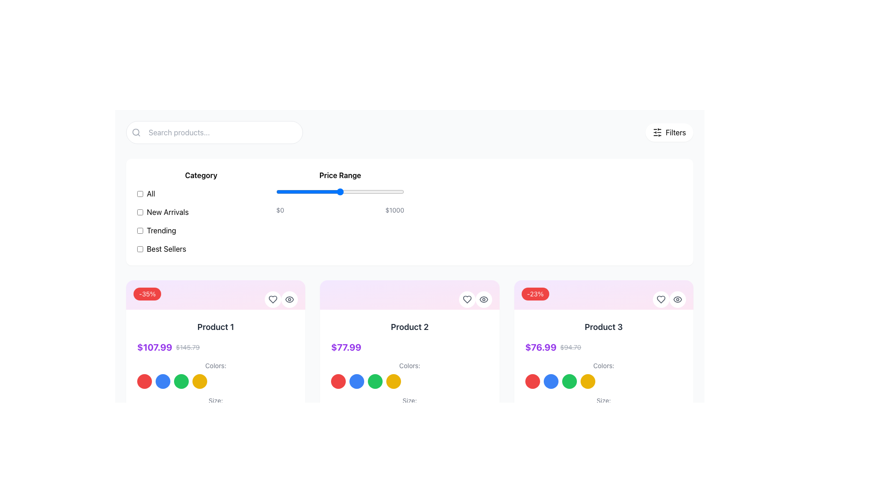 Image resolution: width=884 pixels, height=497 pixels. I want to click on the price range, so click(381, 191).